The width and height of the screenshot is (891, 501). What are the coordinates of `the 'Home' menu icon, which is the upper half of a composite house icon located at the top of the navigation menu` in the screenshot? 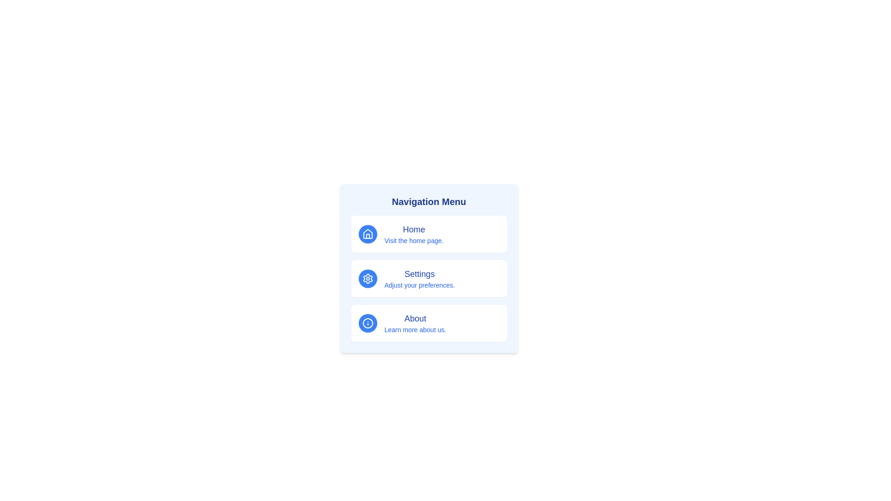 It's located at (367, 233).